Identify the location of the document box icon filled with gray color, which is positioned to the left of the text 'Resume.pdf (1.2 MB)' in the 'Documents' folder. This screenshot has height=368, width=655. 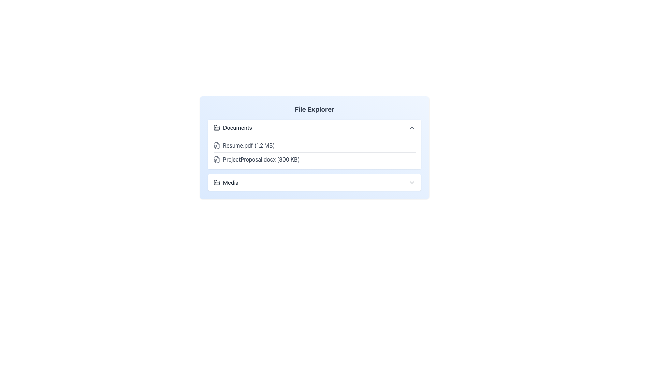
(216, 145).